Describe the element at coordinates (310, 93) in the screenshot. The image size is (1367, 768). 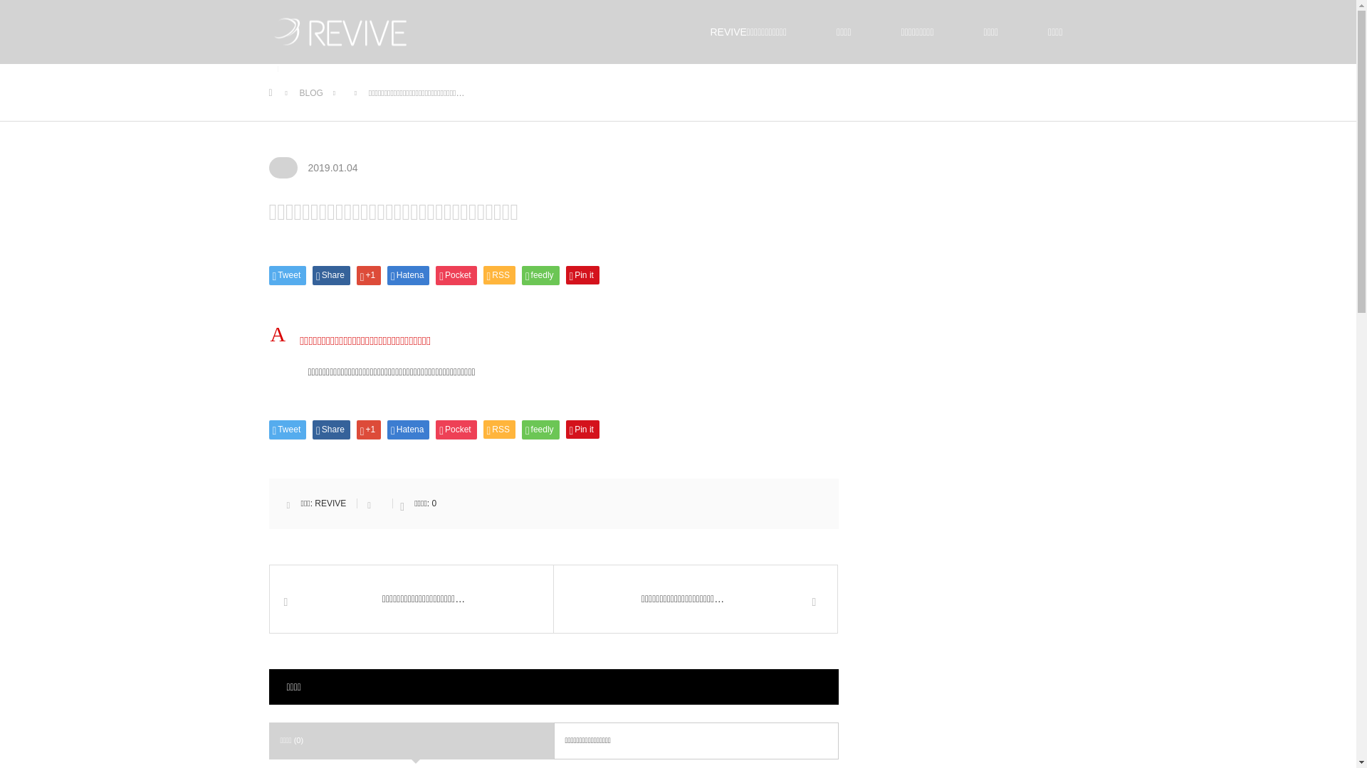
I see `'BLOG'` at that location.